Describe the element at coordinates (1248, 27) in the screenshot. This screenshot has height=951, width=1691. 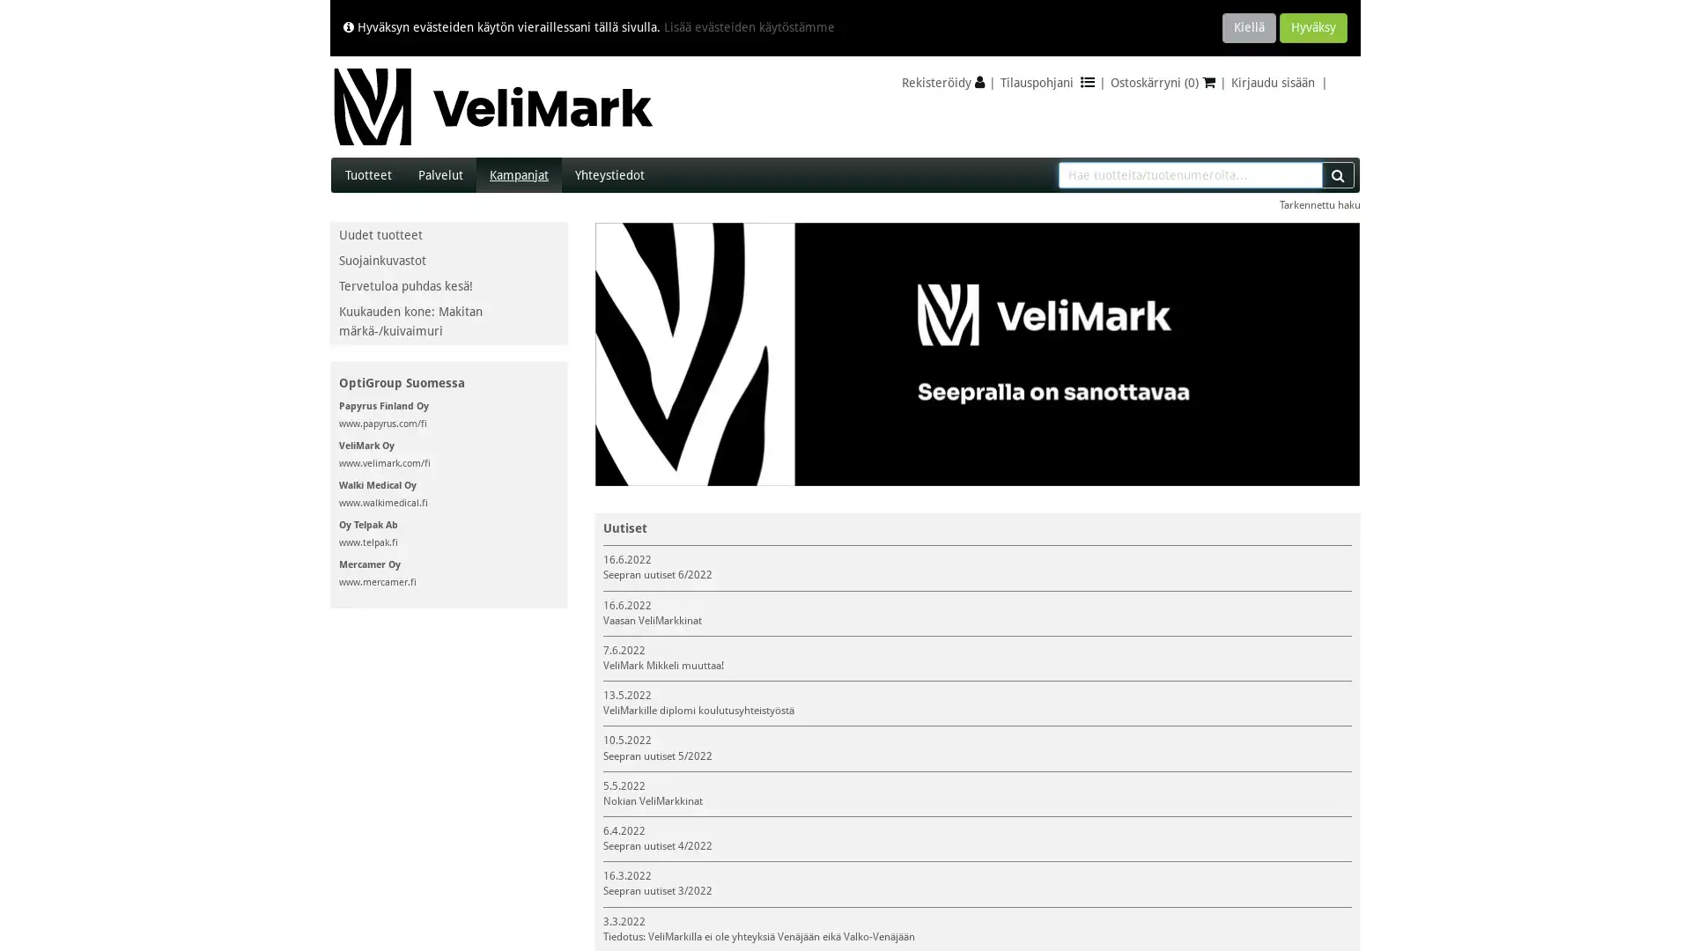
I see `Kiella` at that location.